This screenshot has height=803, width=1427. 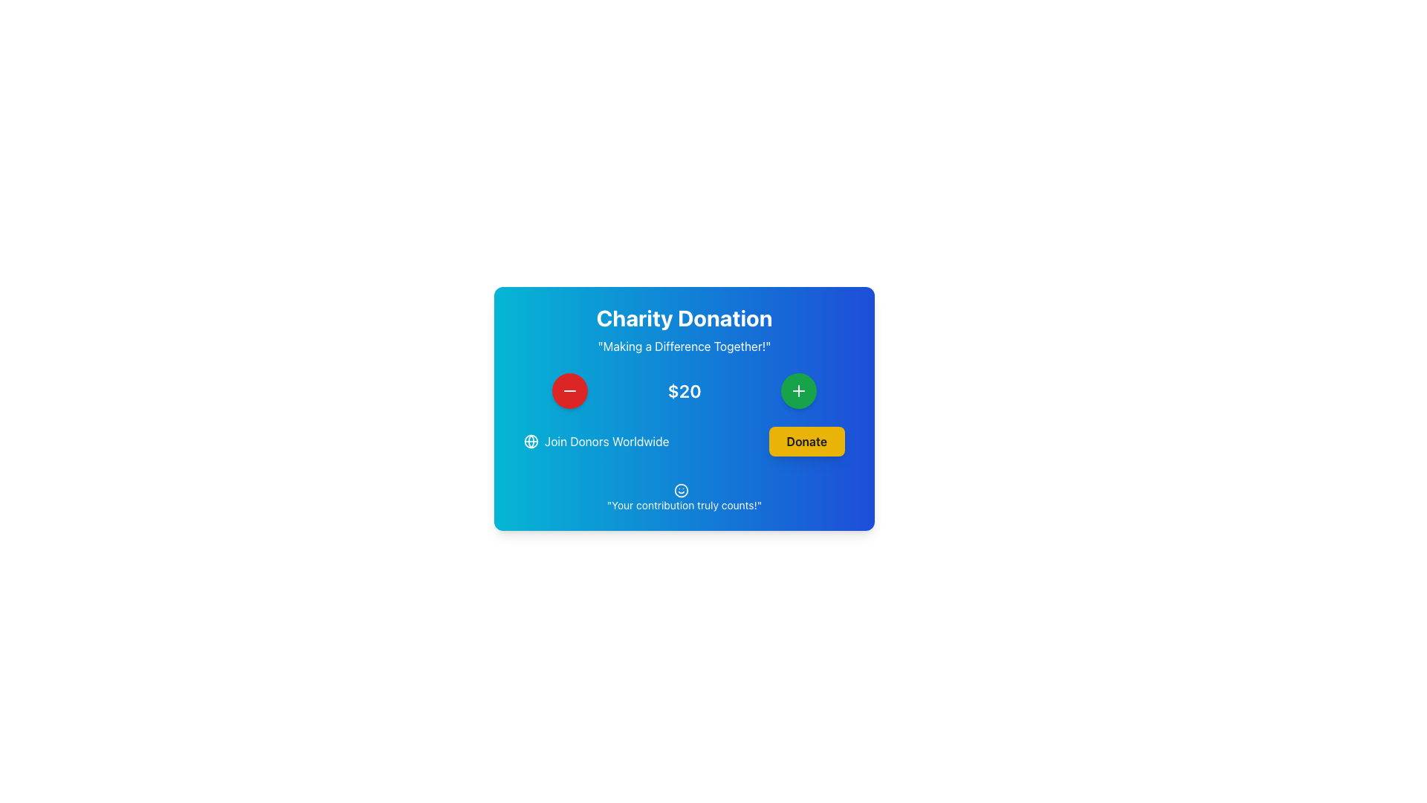 I want to click on the static text element displaying the message 'Your contribution truly counts!' located at the bottom of the donation interface card, so click(x=684, y=504).